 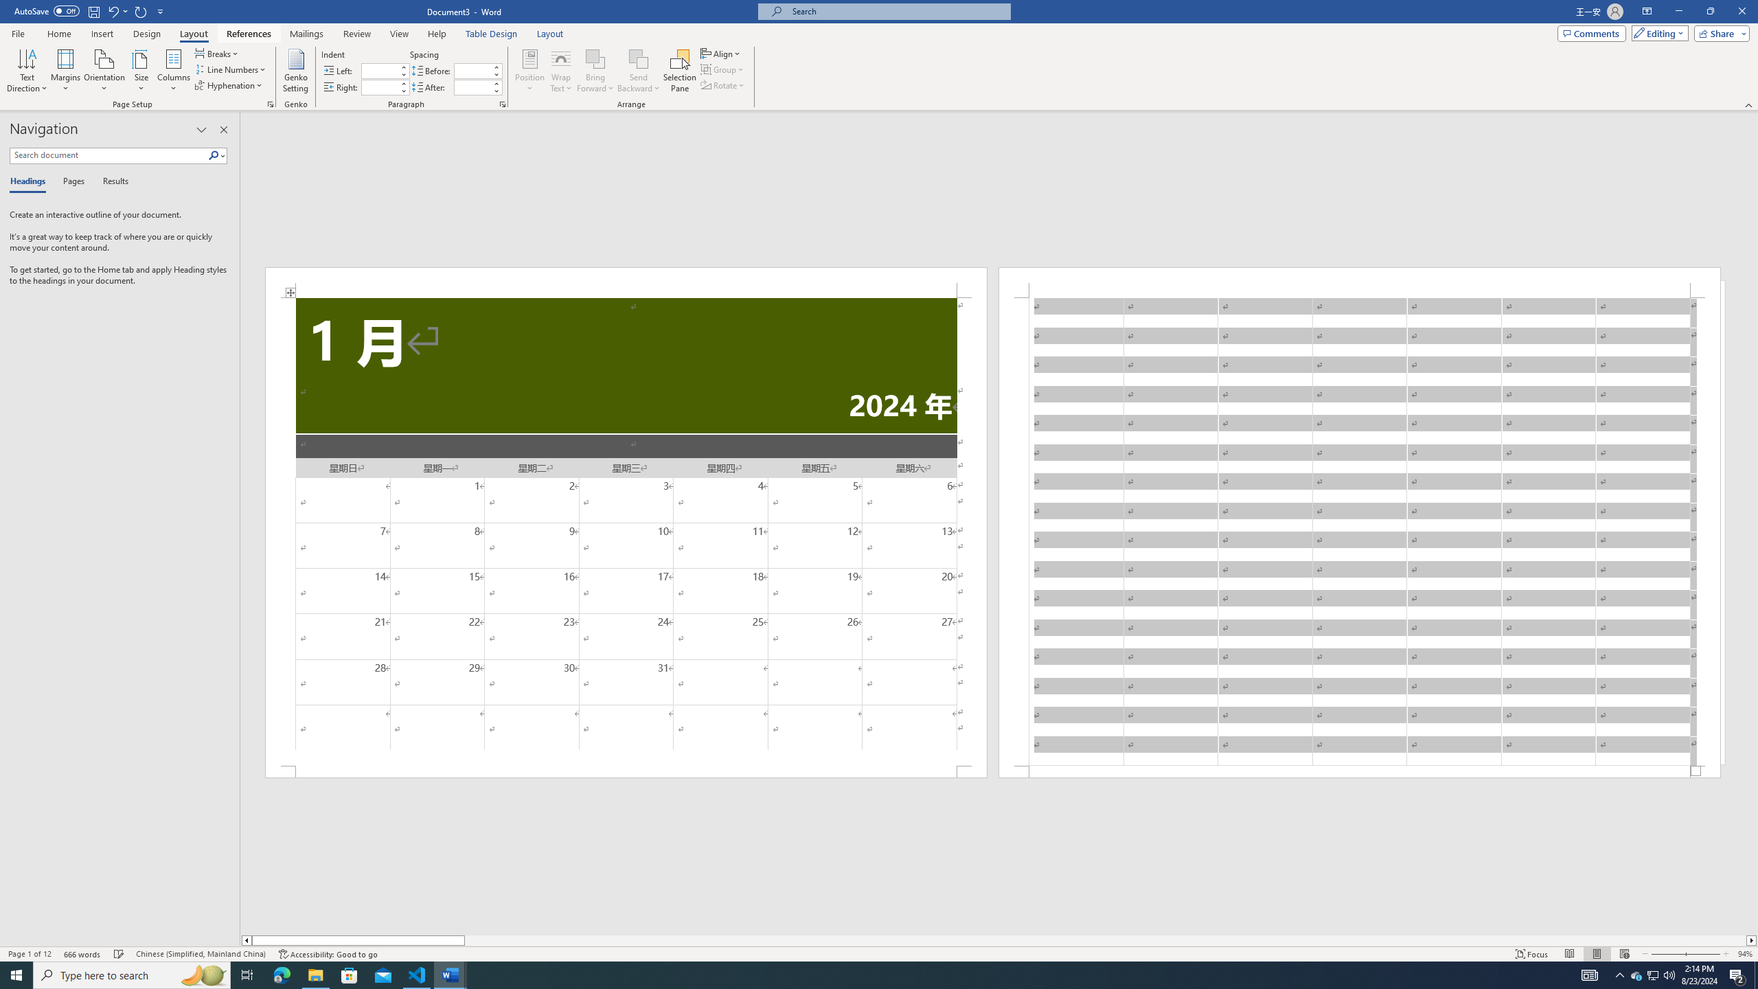 What do you see at coordinates (101, 34) in the screenshot?
I see `'Insert'` at bounding box center [101, 34].